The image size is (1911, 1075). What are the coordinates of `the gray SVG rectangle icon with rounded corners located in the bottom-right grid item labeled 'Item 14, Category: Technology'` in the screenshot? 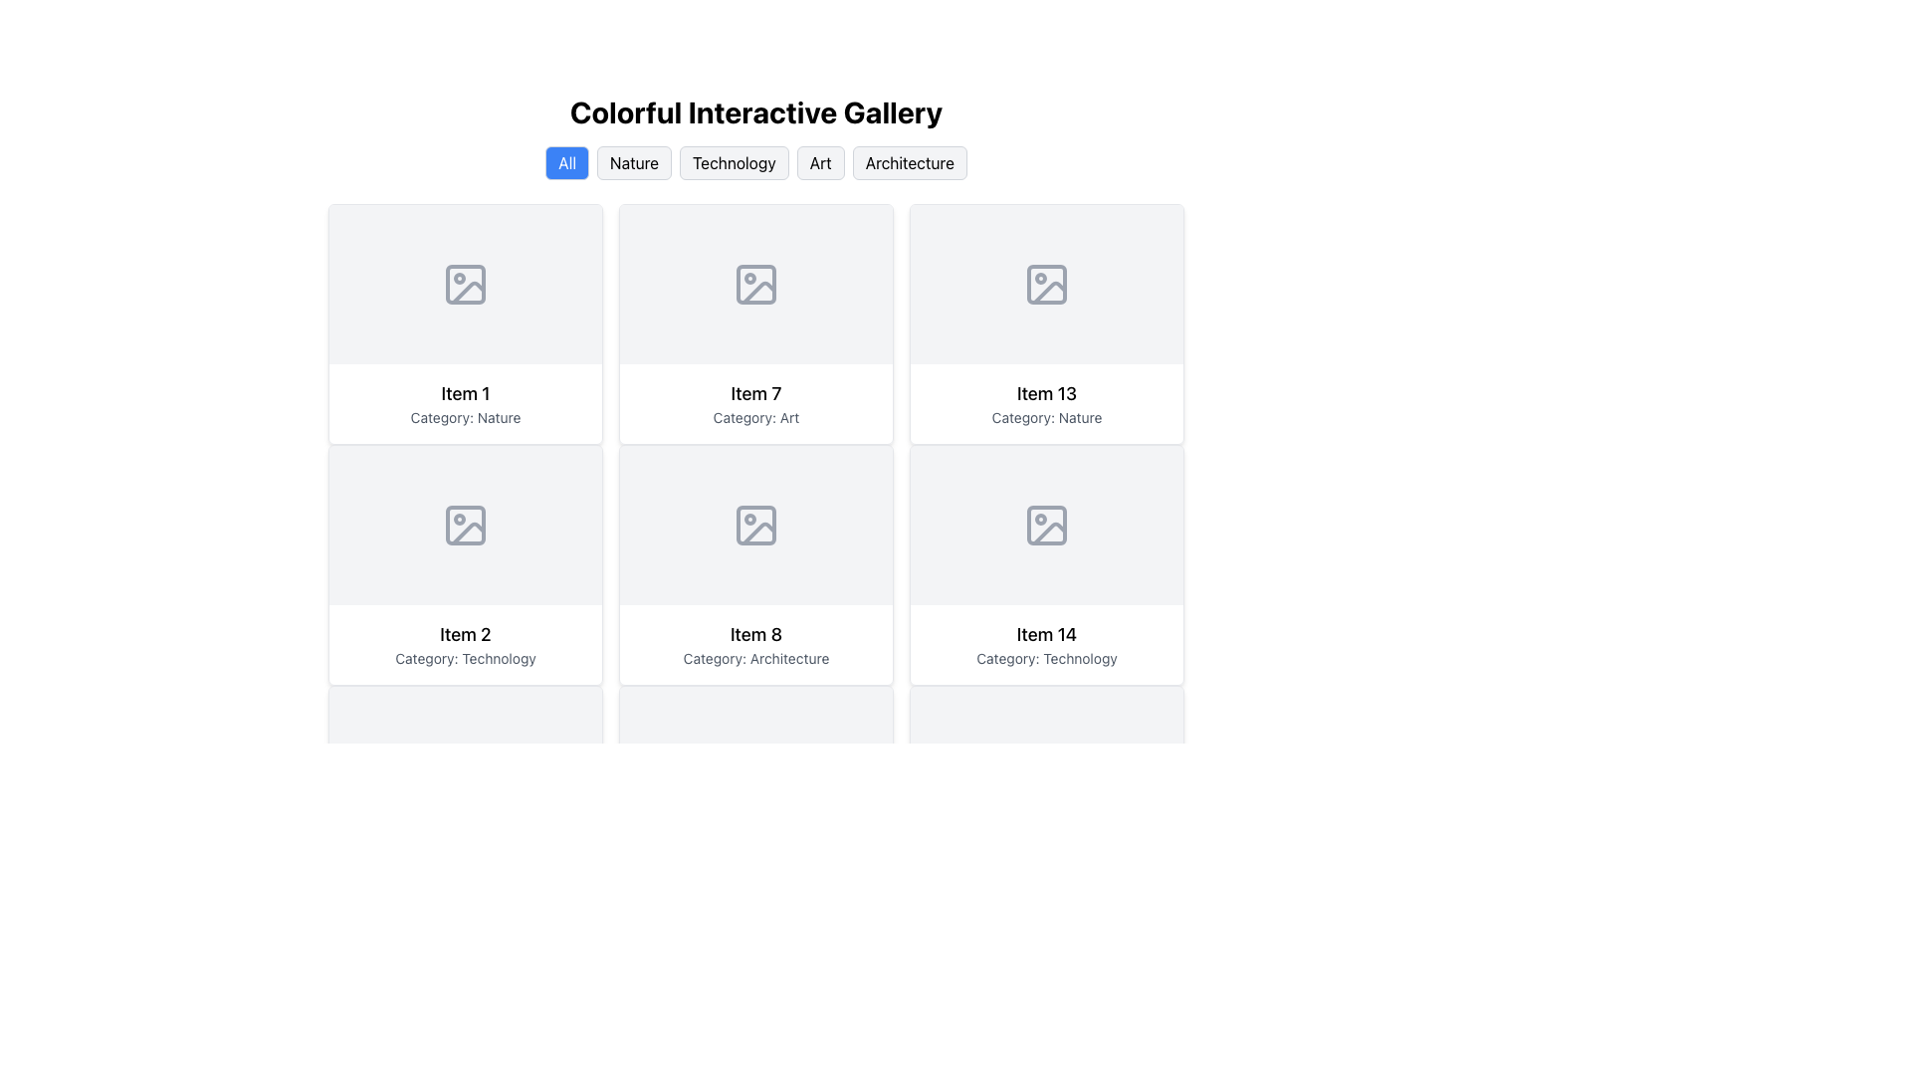 It's located at (1045, 525).